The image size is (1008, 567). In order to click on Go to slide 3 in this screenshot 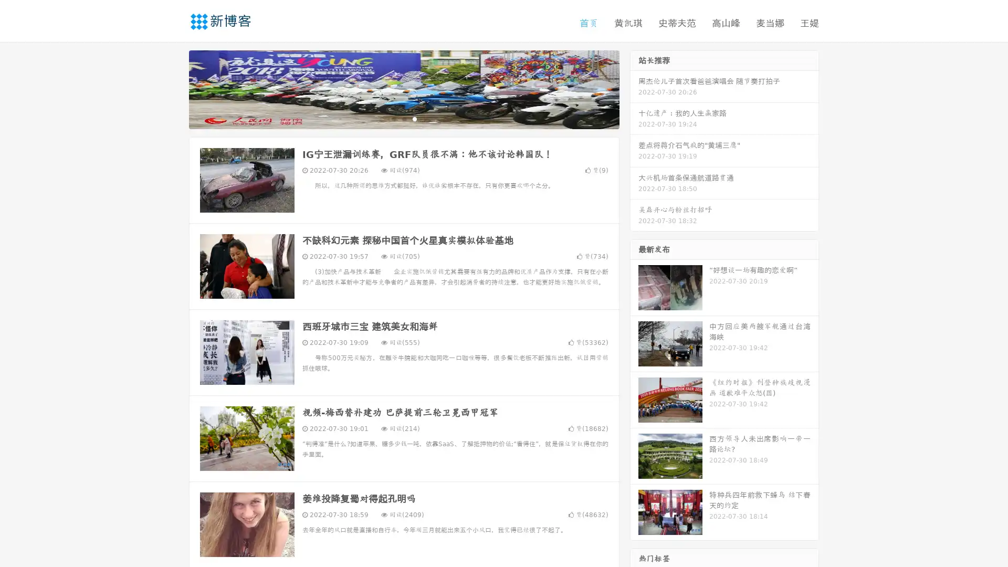, I will do `click(414, 118)`.